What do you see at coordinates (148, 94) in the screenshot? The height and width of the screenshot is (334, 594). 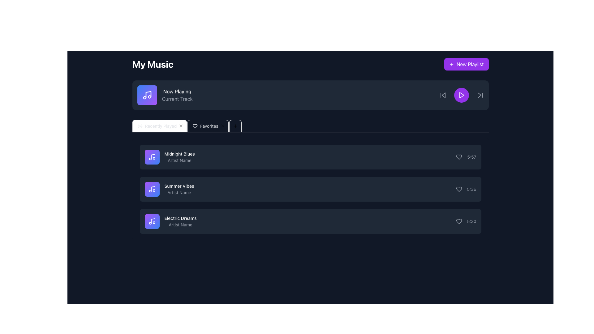 I see `the music icon representing the 'Now Playing' track item located inside the purple square to the left of the text 'Now Playing' and 'Current Track'` at bounding box center [148, 94].